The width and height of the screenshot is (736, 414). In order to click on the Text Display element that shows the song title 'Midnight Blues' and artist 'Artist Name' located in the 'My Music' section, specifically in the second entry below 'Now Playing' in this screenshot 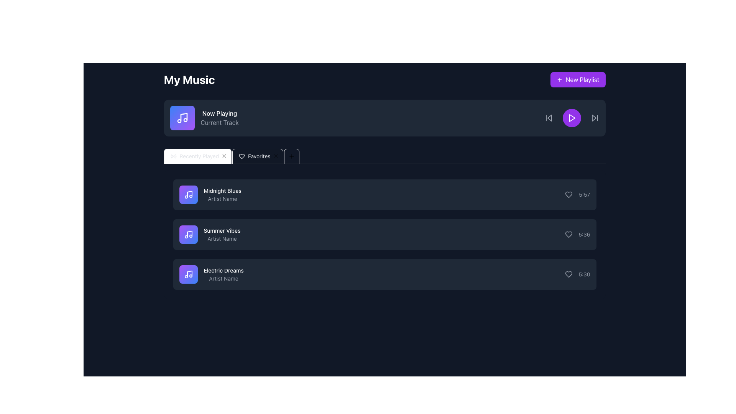, I will do `click(222, 194)`.